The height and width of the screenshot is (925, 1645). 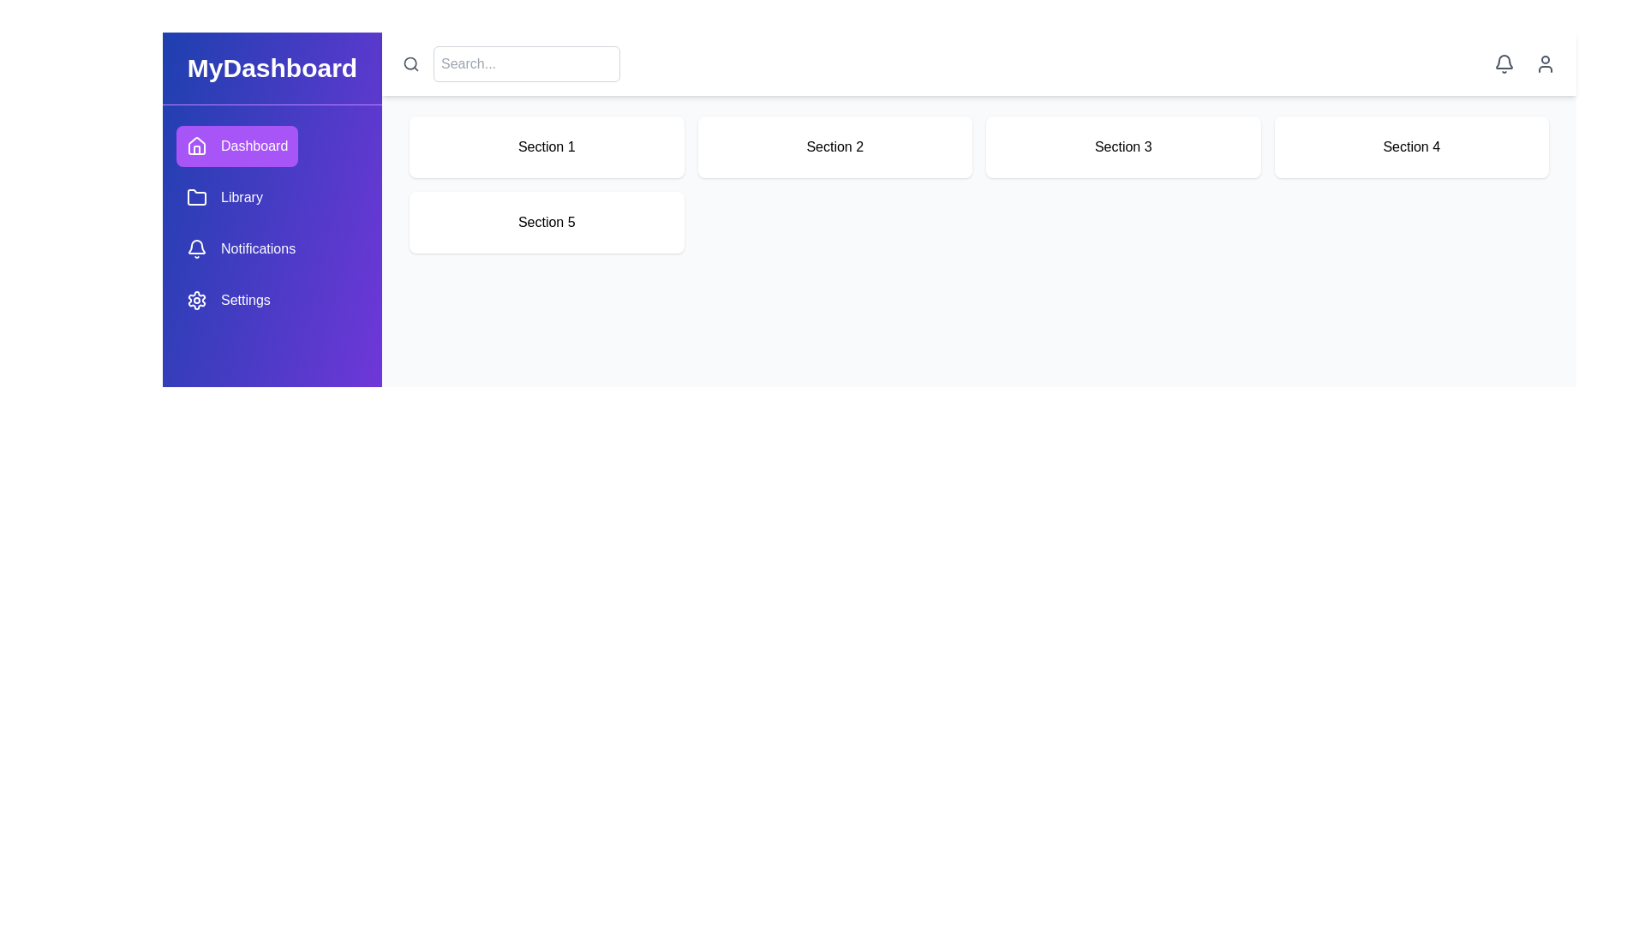 What do you see at coordinates (197, 144) in the screenshot?
I see `the house-shaped icon located in the navigation bar at the top of the purple sidebar, adjacent to the 'Dashboard' label` at bounding box center [197, 144].